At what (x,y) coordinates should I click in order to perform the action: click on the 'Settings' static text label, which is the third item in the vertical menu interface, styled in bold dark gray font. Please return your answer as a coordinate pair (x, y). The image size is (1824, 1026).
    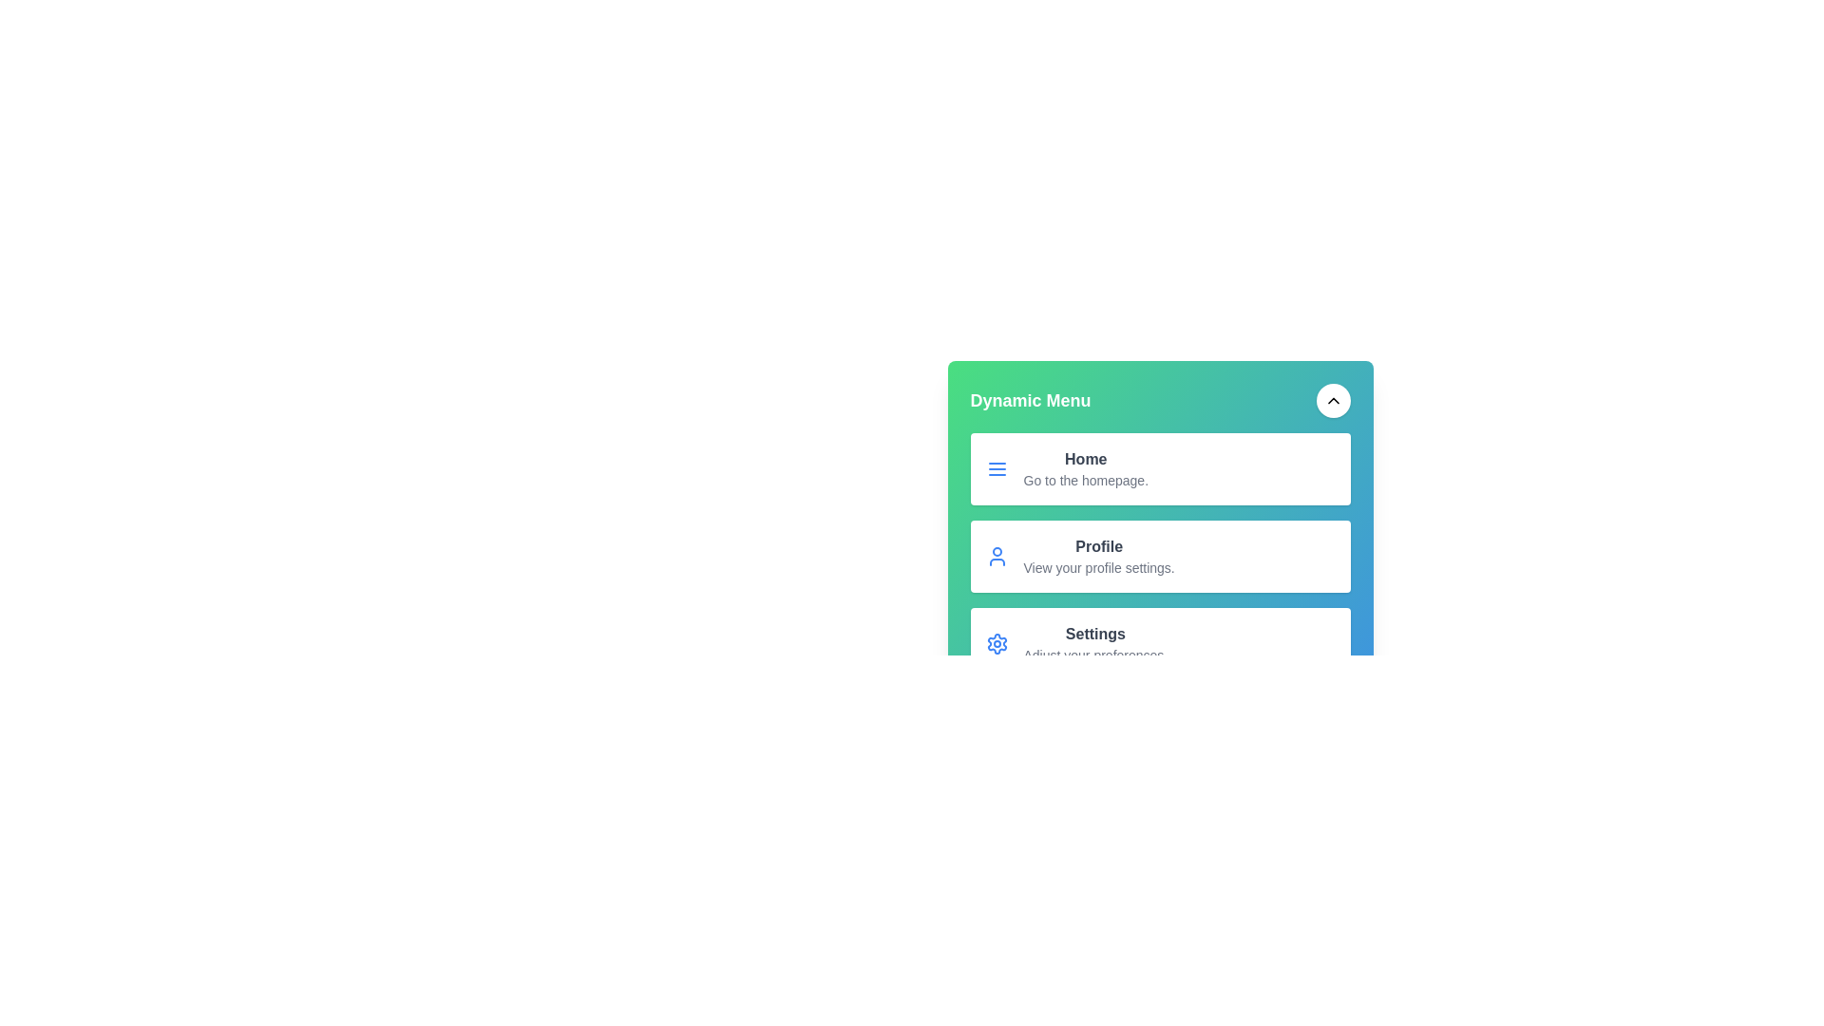
    Looking at the image, I should click on (1095, 634).